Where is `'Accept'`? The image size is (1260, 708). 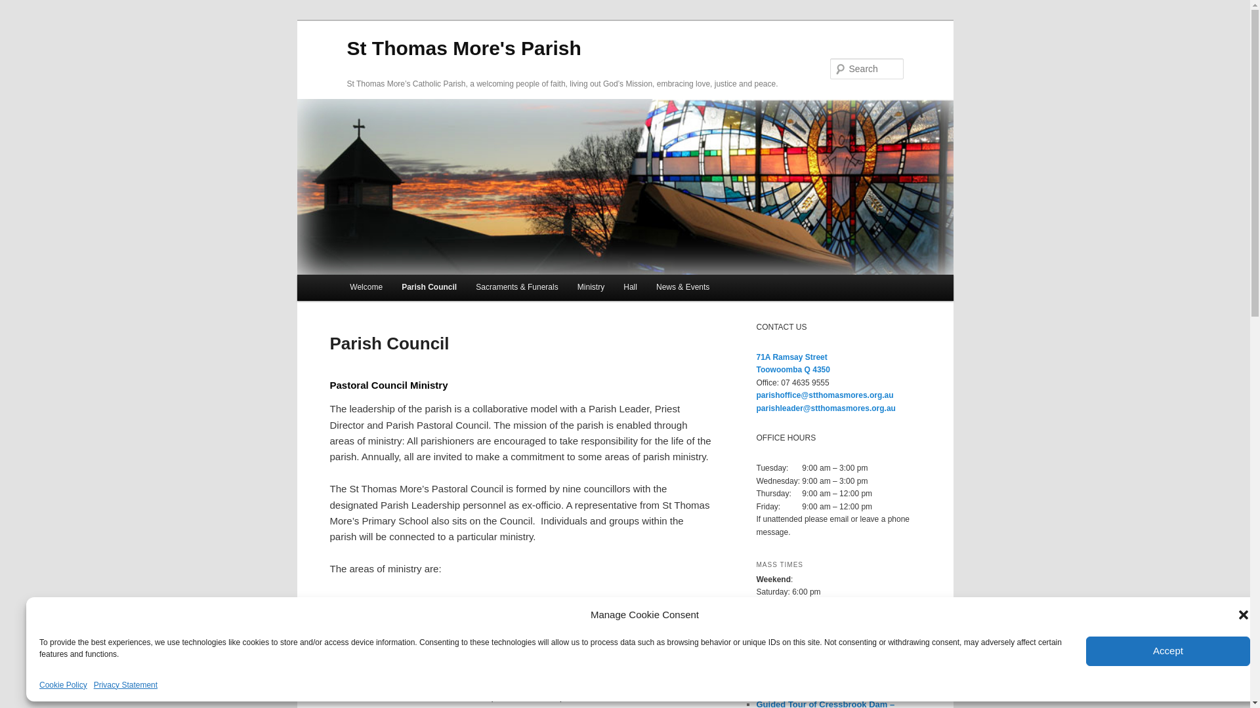
'Accept' is located at coordinates (1168, 650).